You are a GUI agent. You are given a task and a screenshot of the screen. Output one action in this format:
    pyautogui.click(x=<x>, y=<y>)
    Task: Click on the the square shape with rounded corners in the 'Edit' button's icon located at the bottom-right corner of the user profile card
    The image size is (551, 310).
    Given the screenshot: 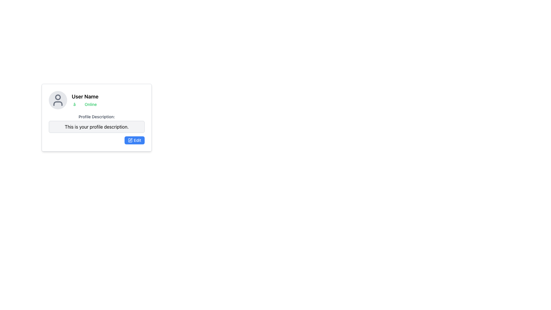 What is the action you would take?
    pyautogui.click(x=130, y=140)
    